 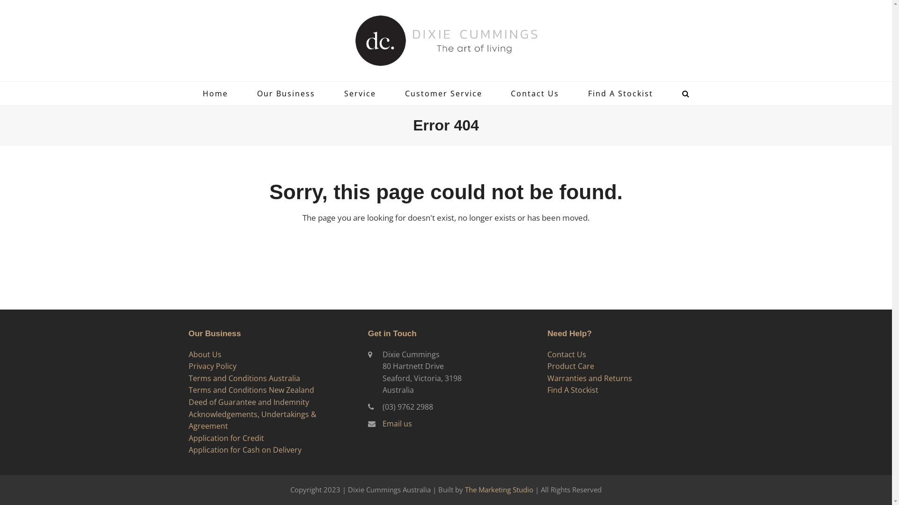 What do you see at coordinates (251, 390) in the screenshot?
I see `'Terms and Conditions New Zealand'` at bounding box center [251, 390].